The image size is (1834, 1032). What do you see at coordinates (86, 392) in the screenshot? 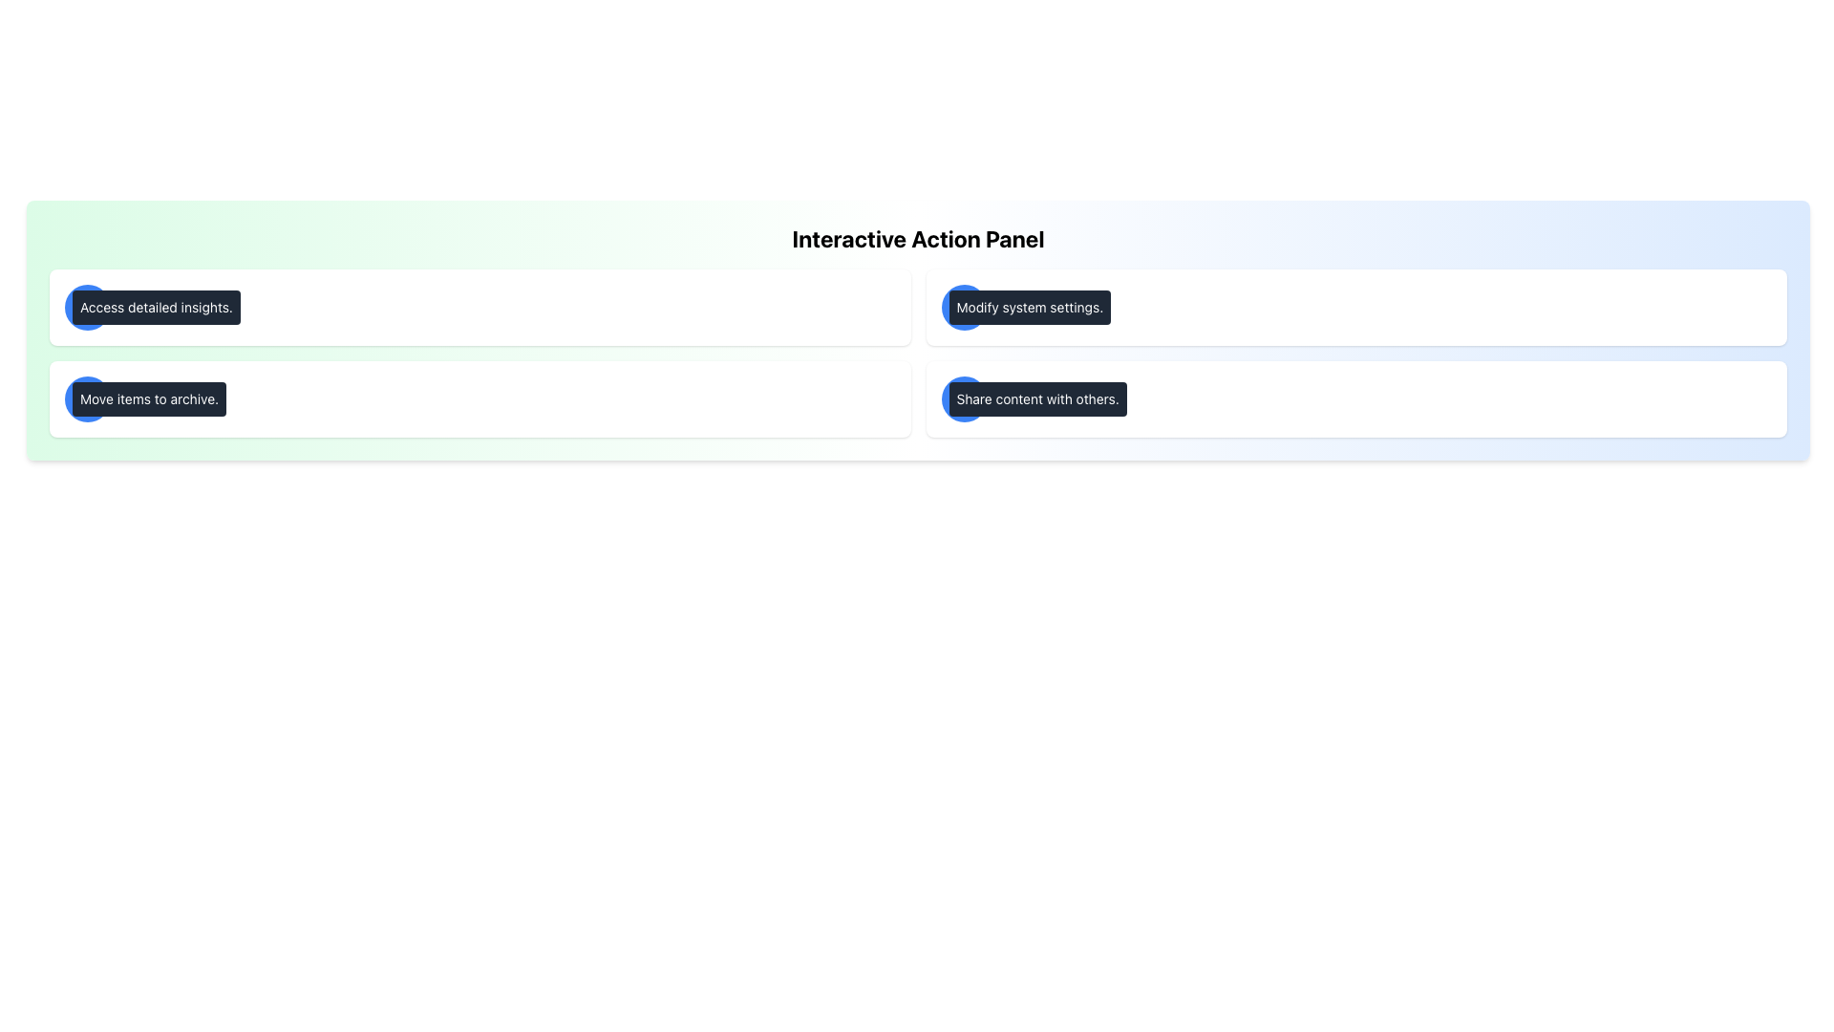
I see `the thin rectangular bar in the upper section of the archive box icon, which is near the 'Move items to archive' label in the second card of the left column` at bounding box center [86, 392].